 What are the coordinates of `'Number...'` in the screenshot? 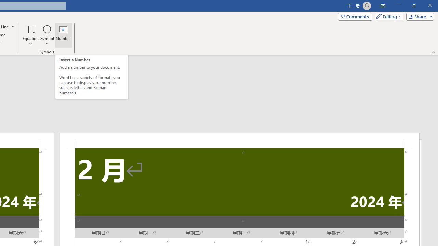 It's located at (63, 35).